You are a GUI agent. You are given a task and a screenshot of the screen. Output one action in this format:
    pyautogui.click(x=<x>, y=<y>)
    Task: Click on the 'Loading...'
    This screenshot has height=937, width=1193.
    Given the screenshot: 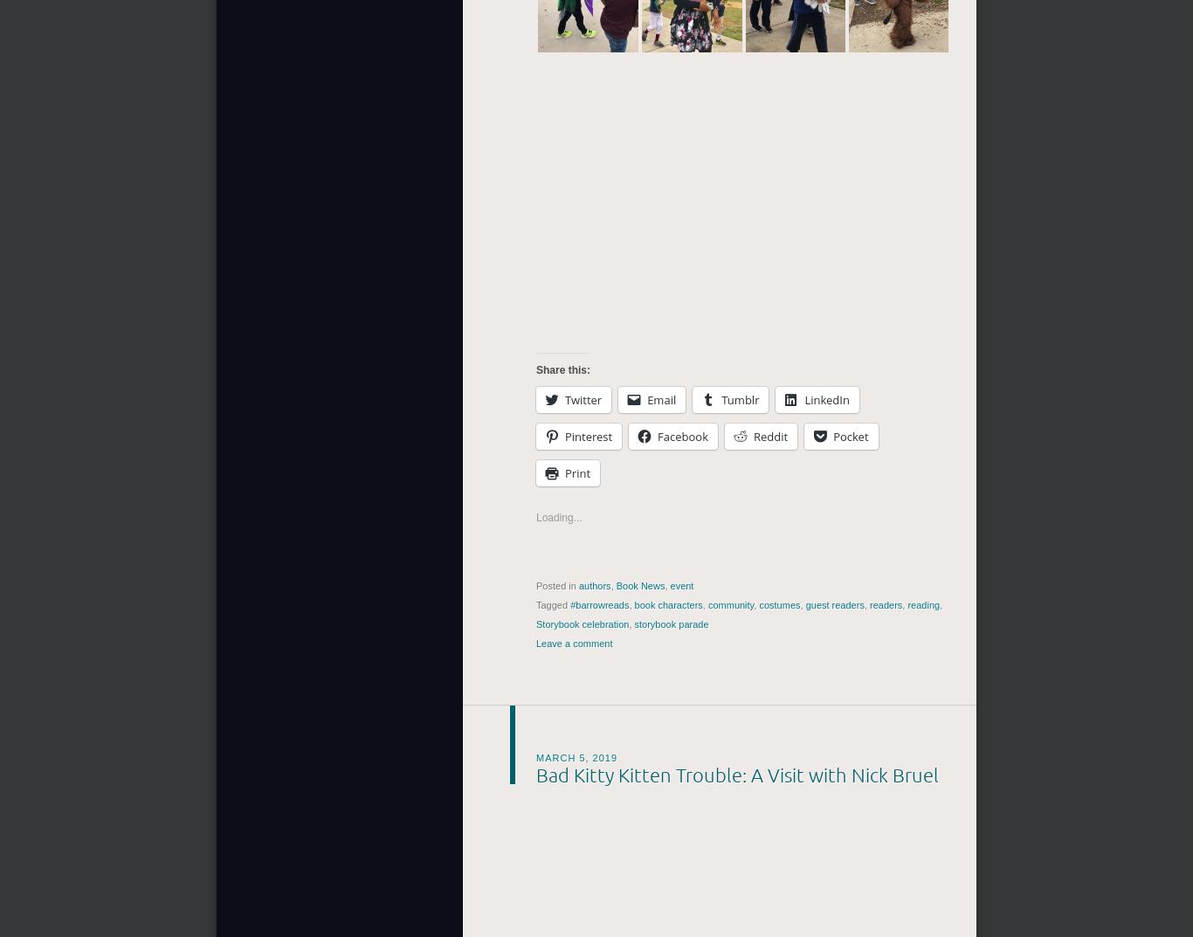 What is the action you would take?
    pyautogui.click(x=535, y=518)
    